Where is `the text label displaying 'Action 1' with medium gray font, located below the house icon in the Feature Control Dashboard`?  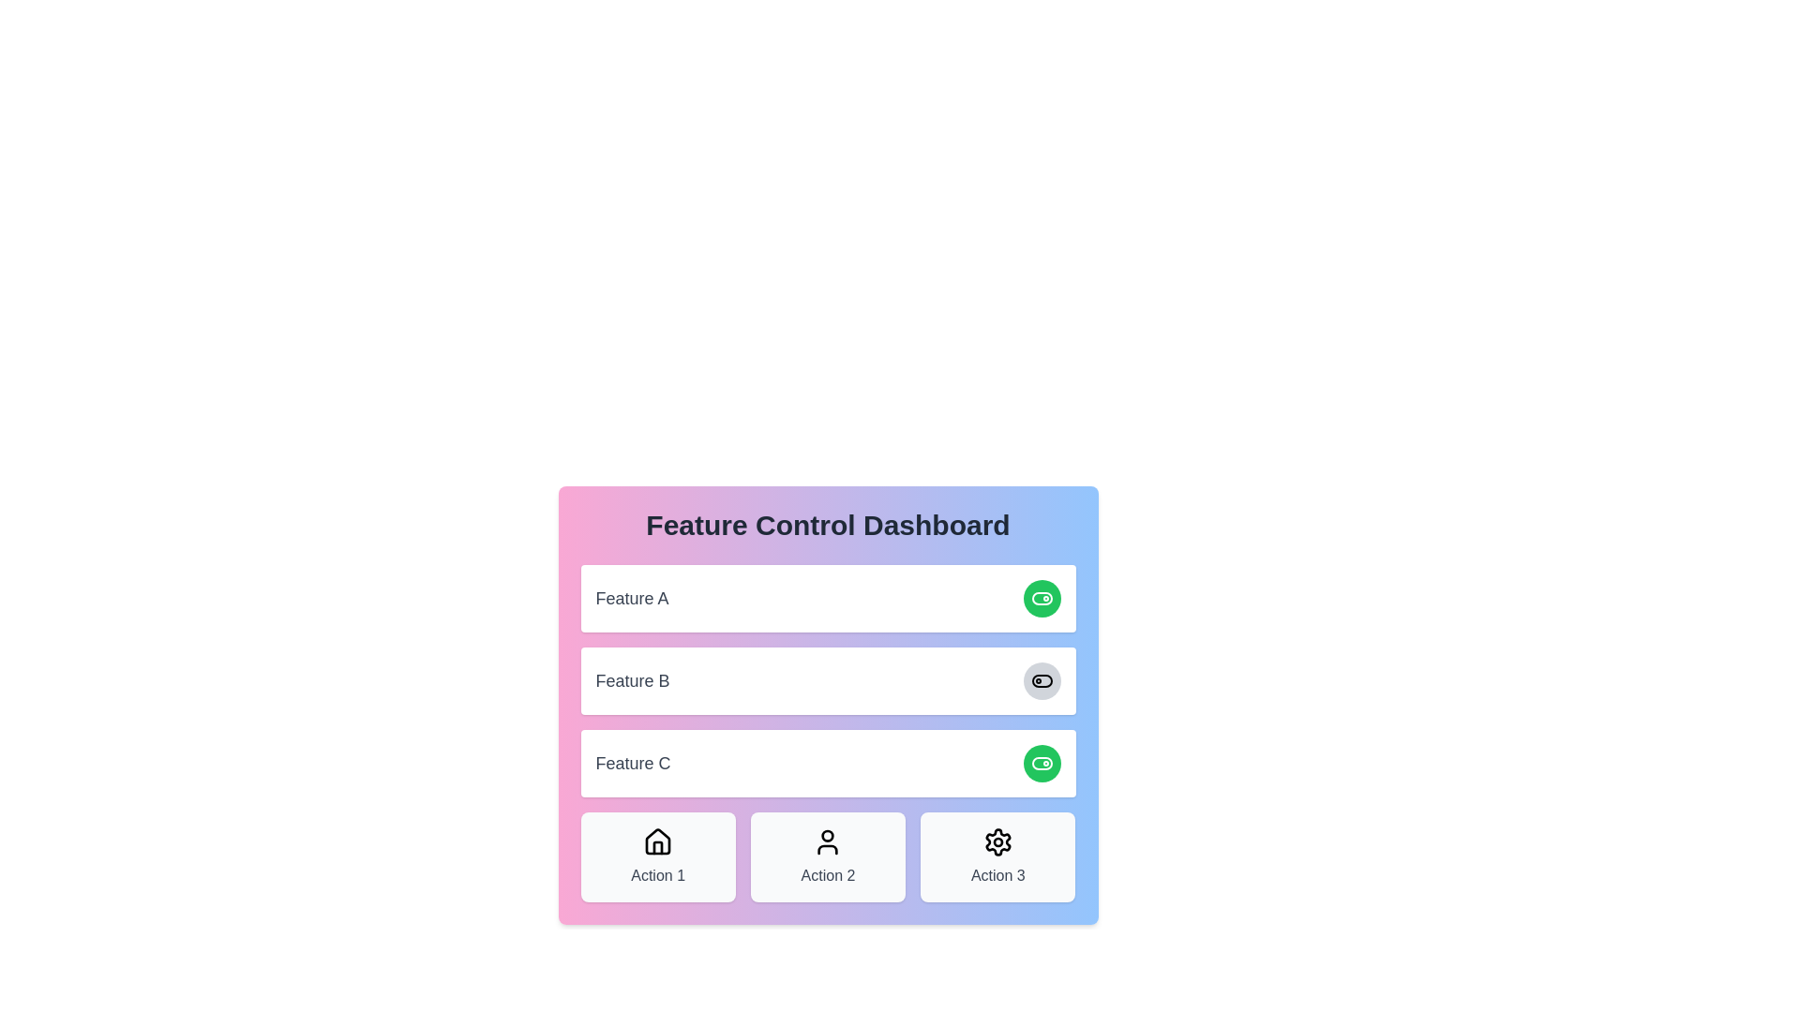 the text label displaying 'Action 1' with medium gray font, located below the house icon in the Feature Control Dashboard is located at coordinates (658, 875).